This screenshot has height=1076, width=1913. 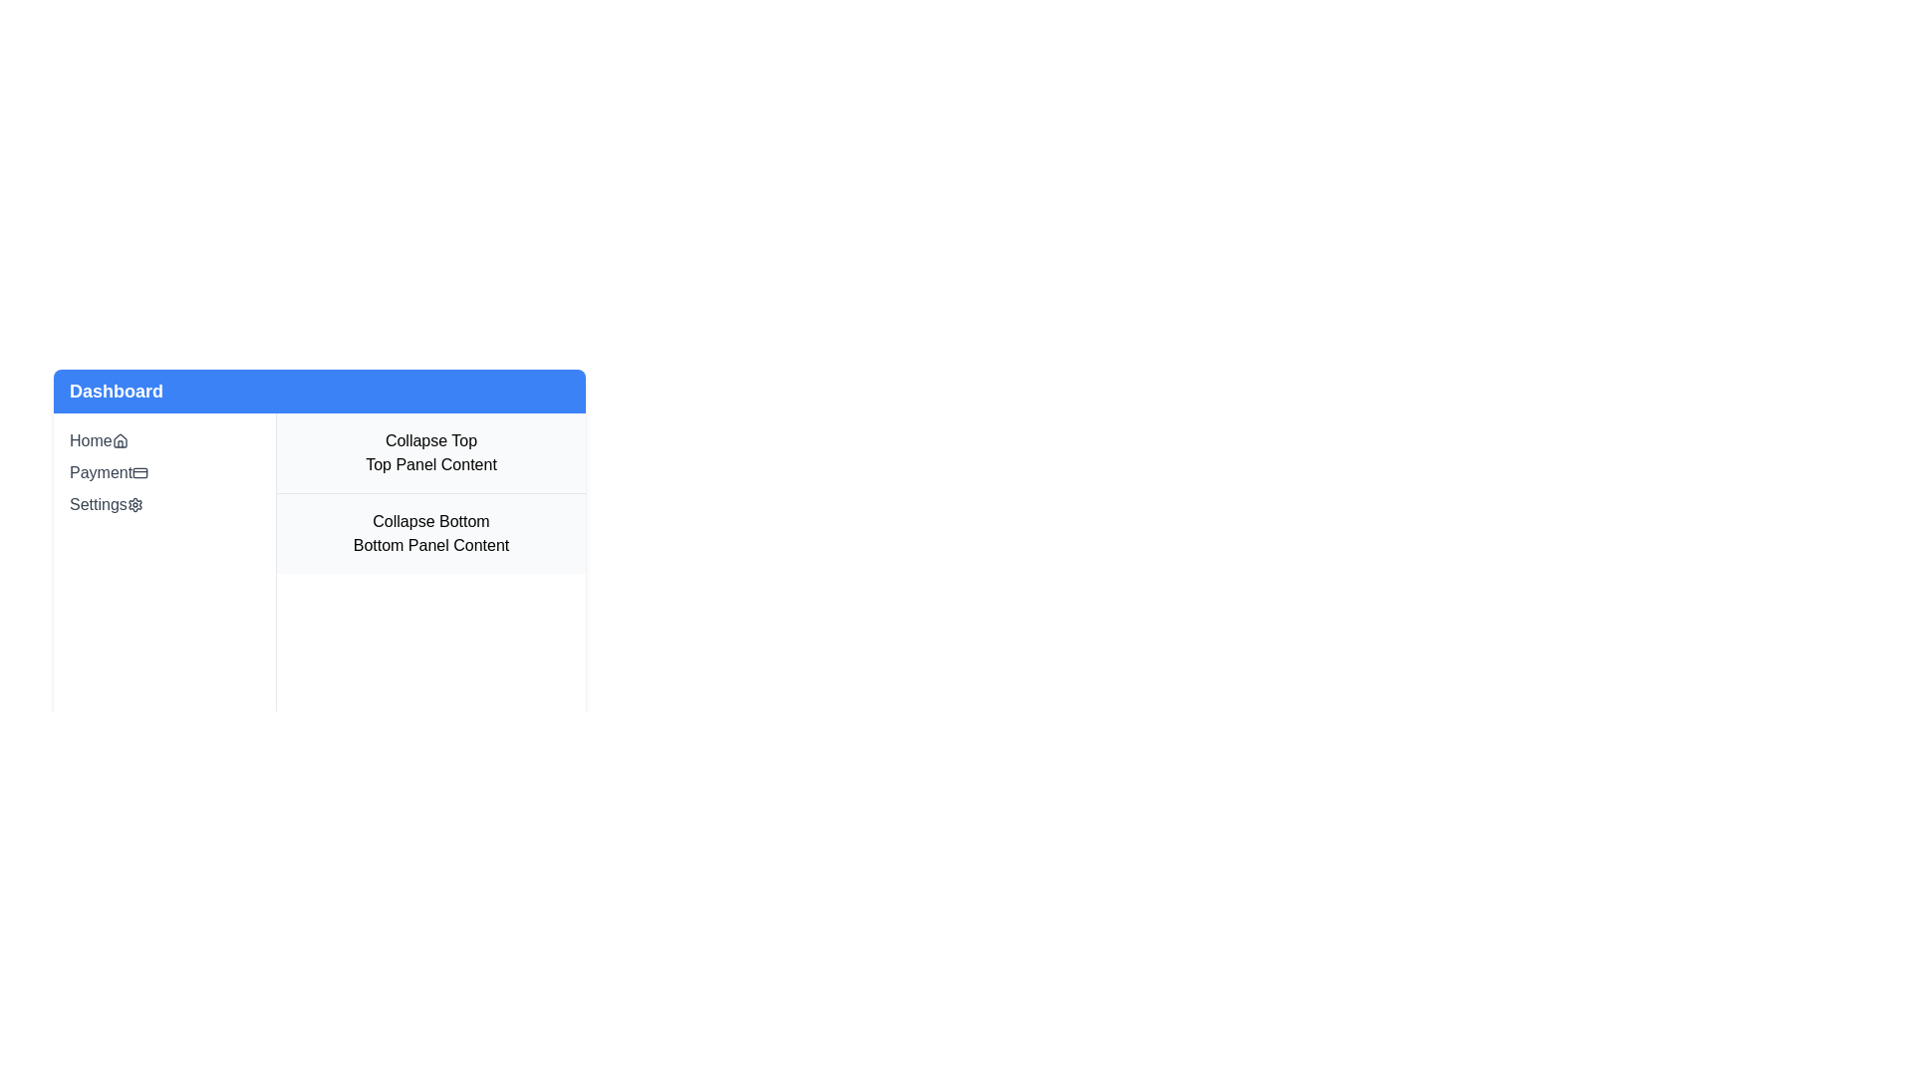 I want to click on the rectangular element within the 'Payment' menu item icon, which is located between the 'Home' and 'Settings' items in the main navigation section, so click(x=139, y=472).